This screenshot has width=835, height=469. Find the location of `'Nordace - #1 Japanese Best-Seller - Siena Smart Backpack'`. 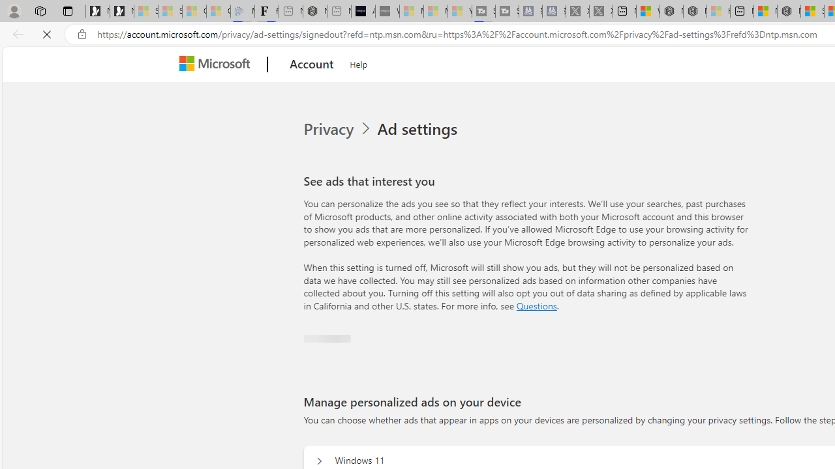

'Nordace - #1 Japanese Best-Seller - Siena Smart Backpack' is located at coordinates (314, 11).